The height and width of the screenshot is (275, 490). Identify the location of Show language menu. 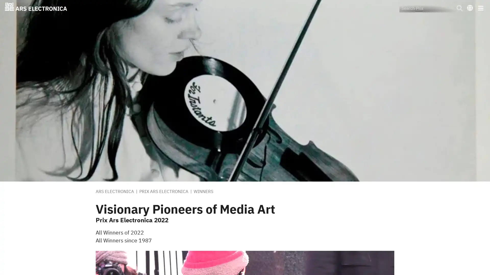
(470, 7).